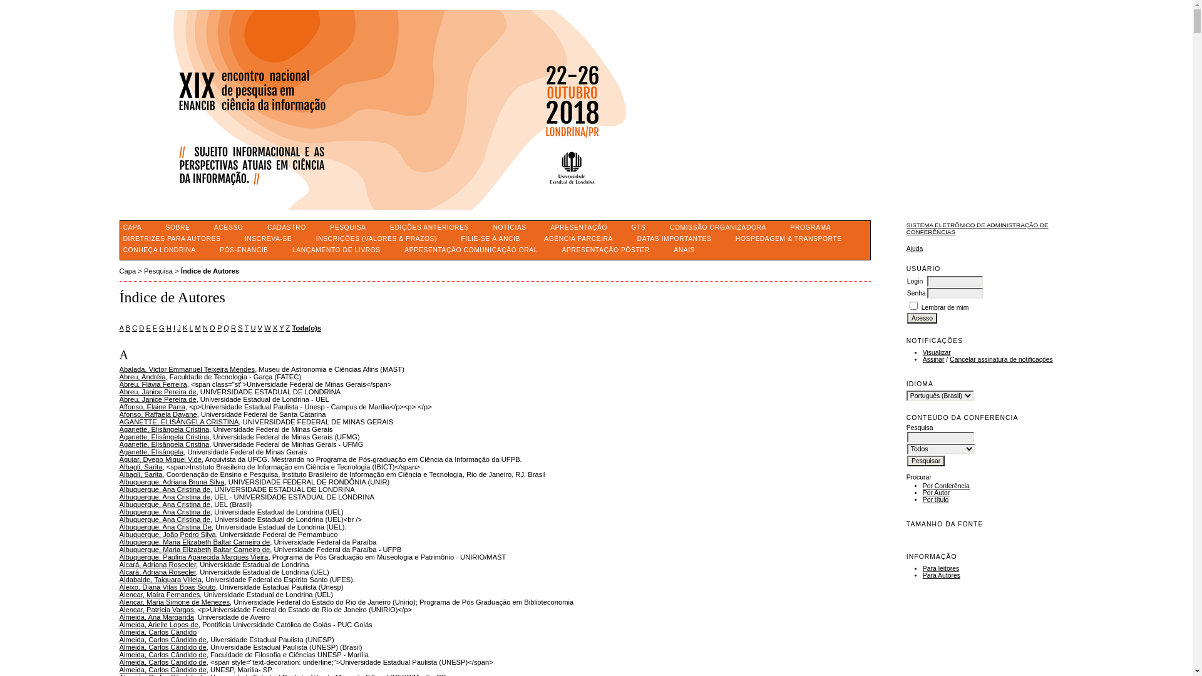 Image resolution: width=1202 pixels, height=676 pixels. Describe the element at coordinates (161, 327) in the screenshot. I see `'G'` at that location.